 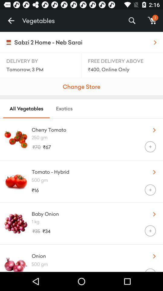 What do you see at coordinates (87, 171) in the screenshot?
I see `the item to the left of u item` at bounding box center [87, 171].